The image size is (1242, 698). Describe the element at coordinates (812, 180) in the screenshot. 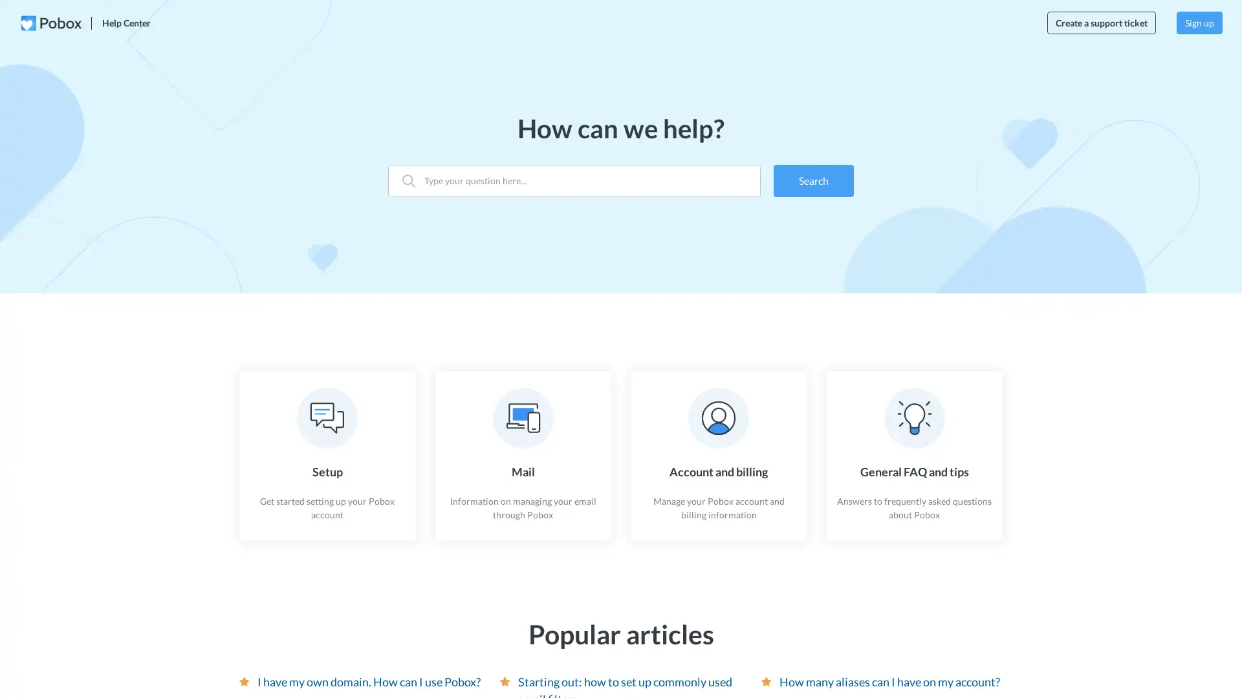

I see `Search` at that location.